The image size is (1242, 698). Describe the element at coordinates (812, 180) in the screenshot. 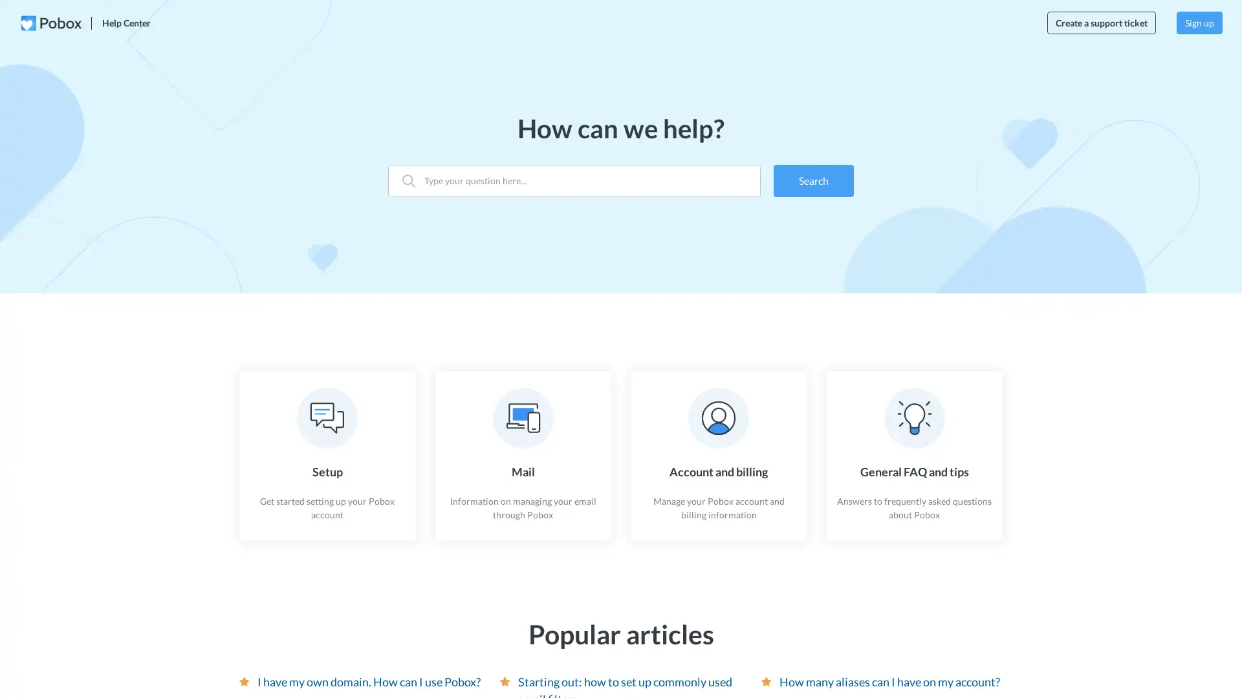

I see `Search` at that location.